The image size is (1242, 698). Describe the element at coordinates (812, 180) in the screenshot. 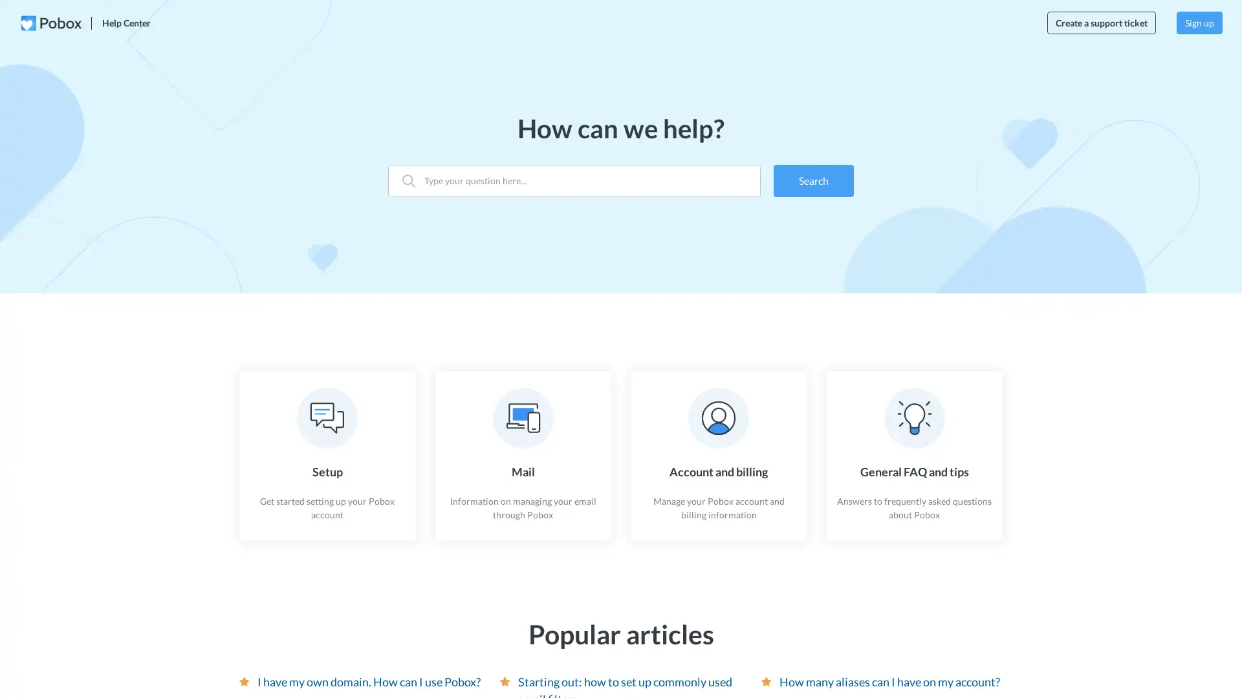

I see `Search` at that location.